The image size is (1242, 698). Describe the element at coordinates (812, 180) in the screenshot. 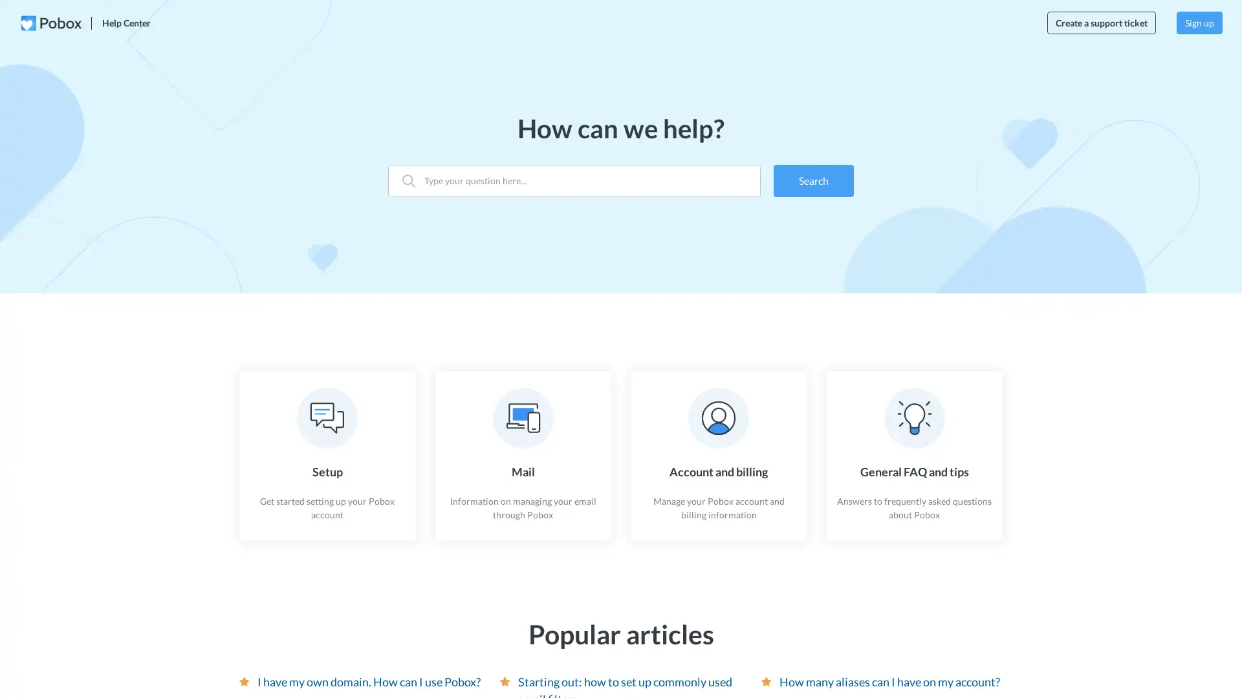

I see `Search` at that location.